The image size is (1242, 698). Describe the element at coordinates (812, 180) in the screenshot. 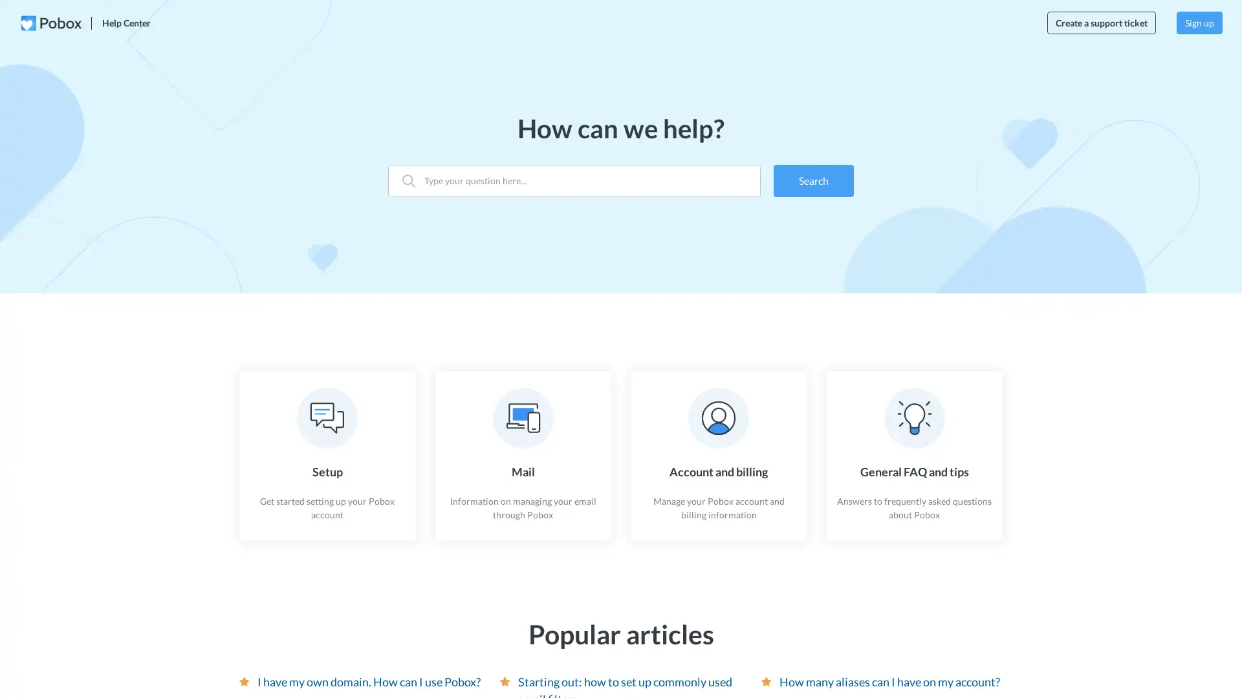

I see `Search` at that location.